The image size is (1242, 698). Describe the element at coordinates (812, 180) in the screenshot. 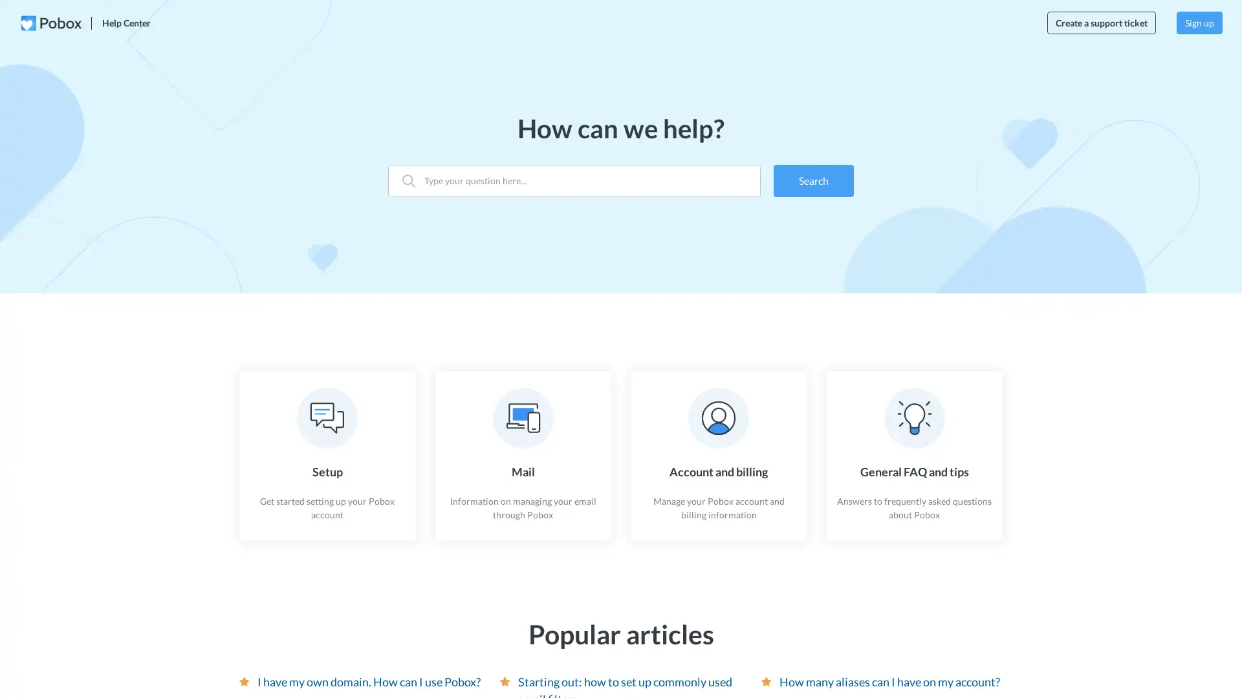

I see `Search` at that location.